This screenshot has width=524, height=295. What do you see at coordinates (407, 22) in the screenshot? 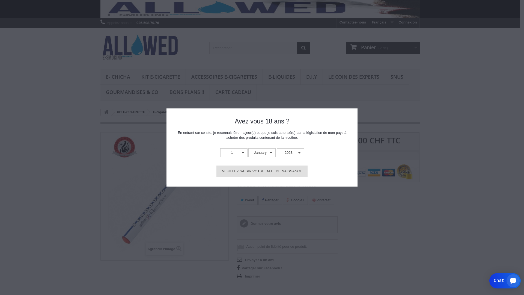
I see `'Connexion'` at bounding box center [407, 22].